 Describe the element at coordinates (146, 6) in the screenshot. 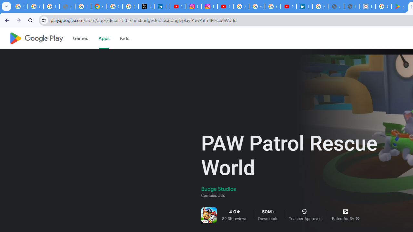

I see `'X'` at that location.